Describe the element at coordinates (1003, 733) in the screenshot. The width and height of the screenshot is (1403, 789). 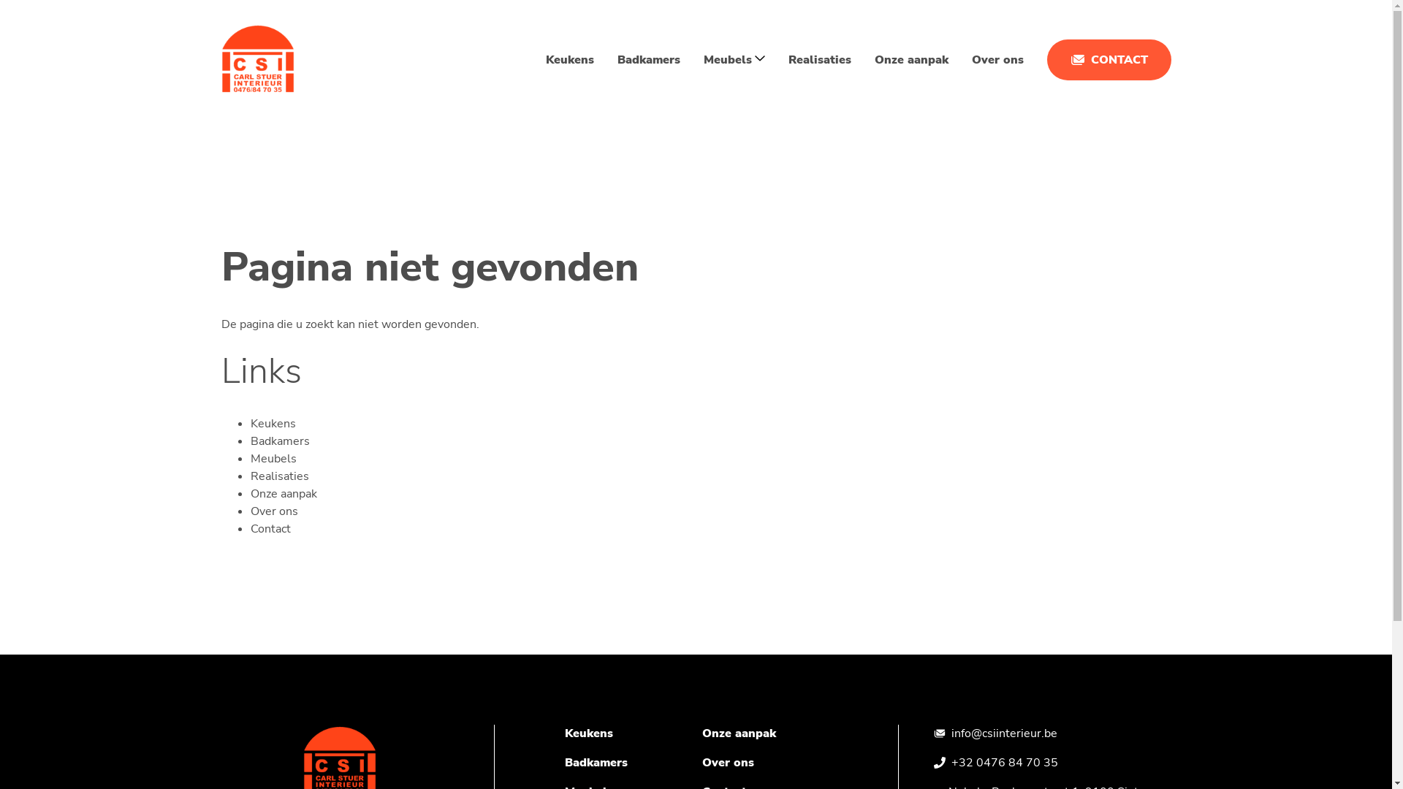
I see `'info@csiinterieur.be'` at that location.